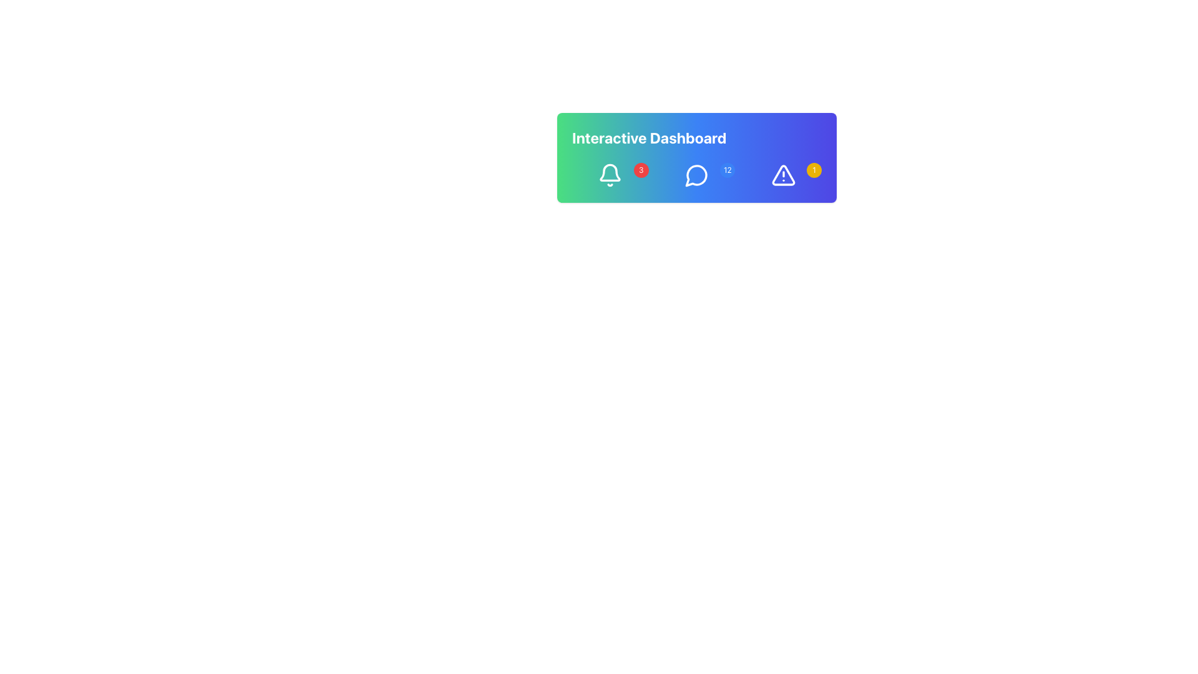 This screenshot has height=674, width=1198. What do you see at coordinates (696, 175) in the screenshot?
I see `the stylized speech bubble icon located in the 'Interactive Dashboard' section, which is the second icon from the left, between the bell and warning icons` at bounding box center [696, 175].